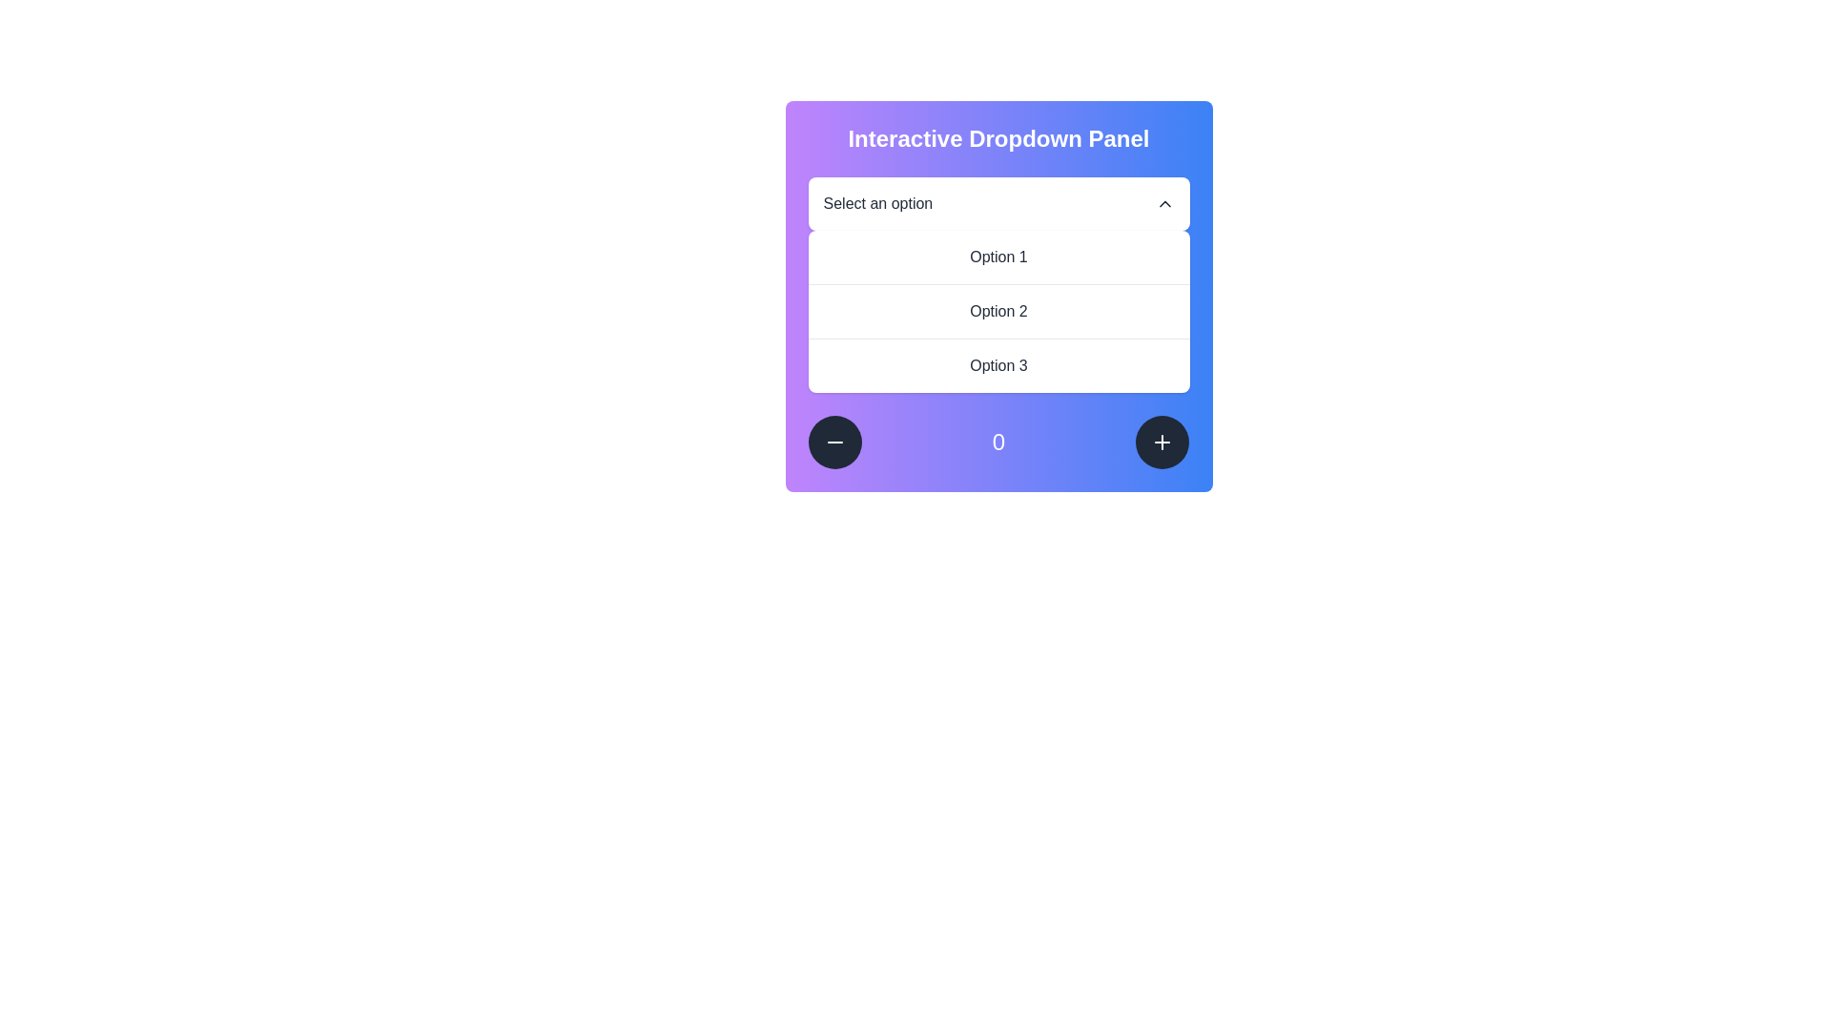  I want to click on the circular dark button with a white horizontal line resembling a minus sign, located in the bottom-left corner of the interface, so click(834, 442).